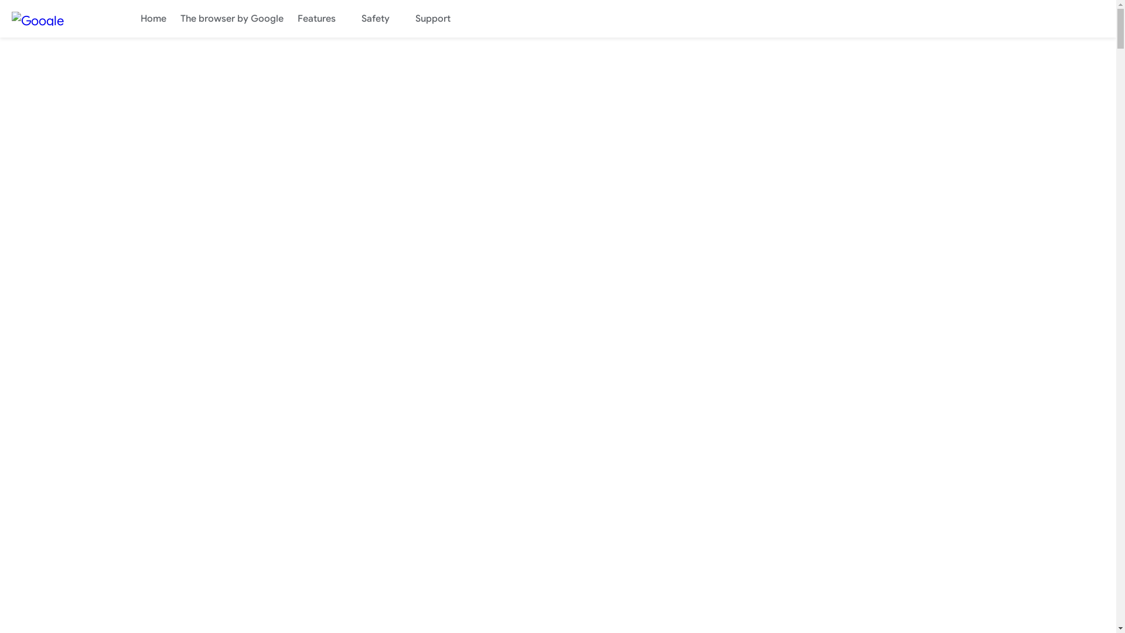 This screenshot has height=633, width=1125. What do you see at coordinates (438, 18) in the screenshot?
I see `'Support'` at bounding box center [438, 18].